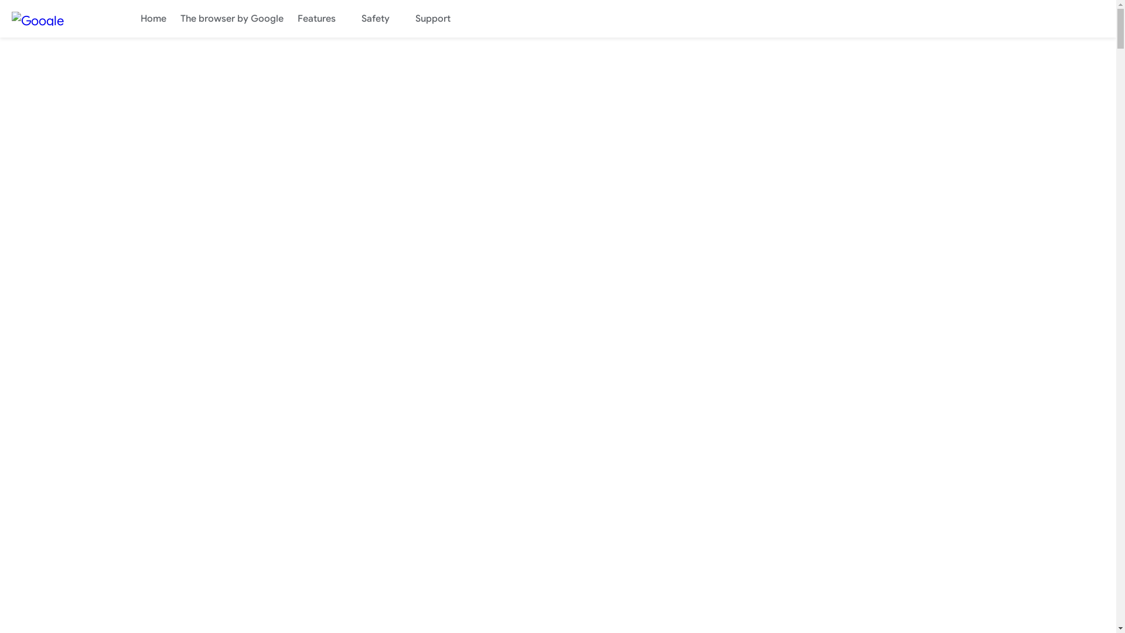 This screenshot has height=633, width=1125. What do you see at coordinates (438, 18) in the screenshot?
I see `'Support'` at bounding box center [438, 18].